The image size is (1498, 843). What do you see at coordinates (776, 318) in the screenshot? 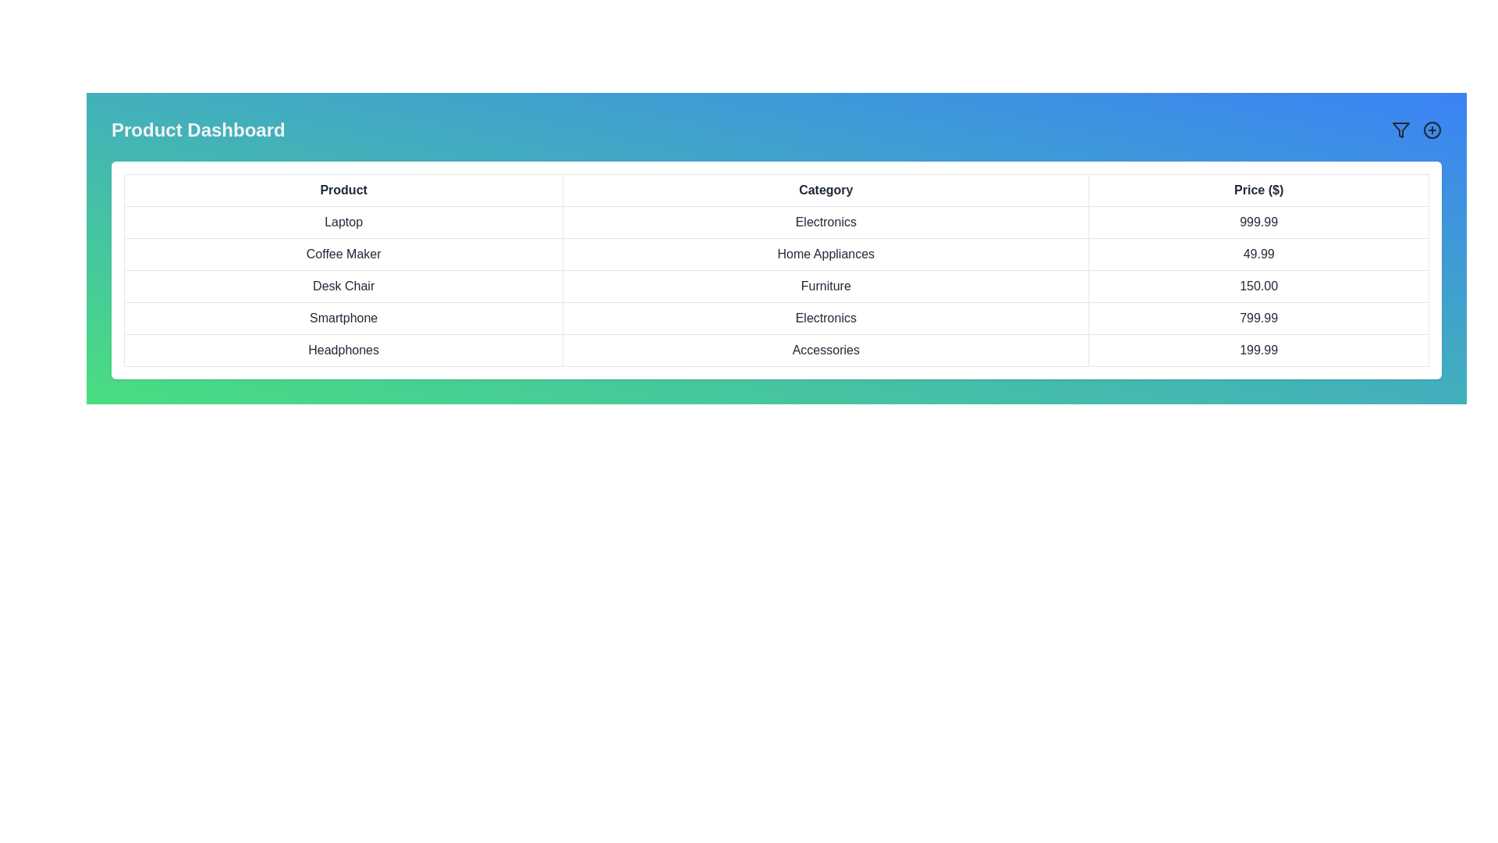
I see `the fourth row in the product dashboard data table, which displays product details including name, category, and price` at bounding box center [776, 318].